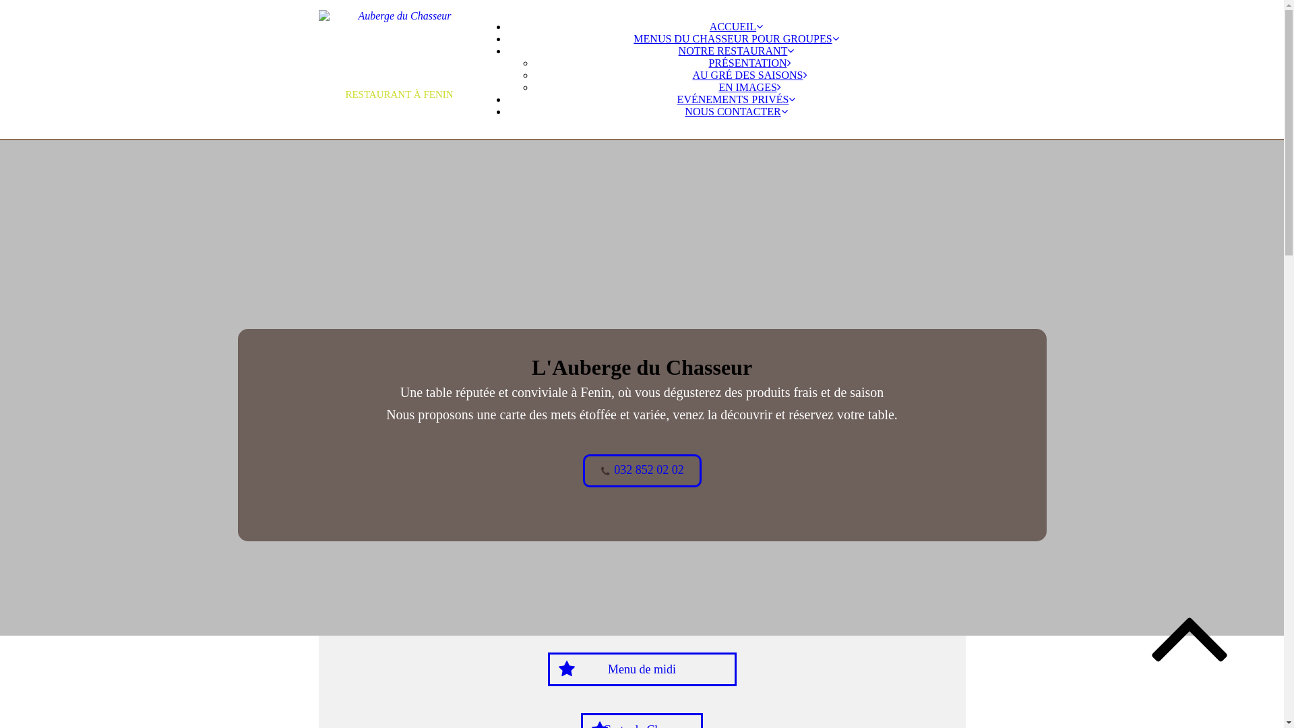 This screenshot has width=1294, height=728. What do you see at coordinates (735, 26) in the screenshot?
I see `'ACCUEIL'` at bounding box center [735, 26].